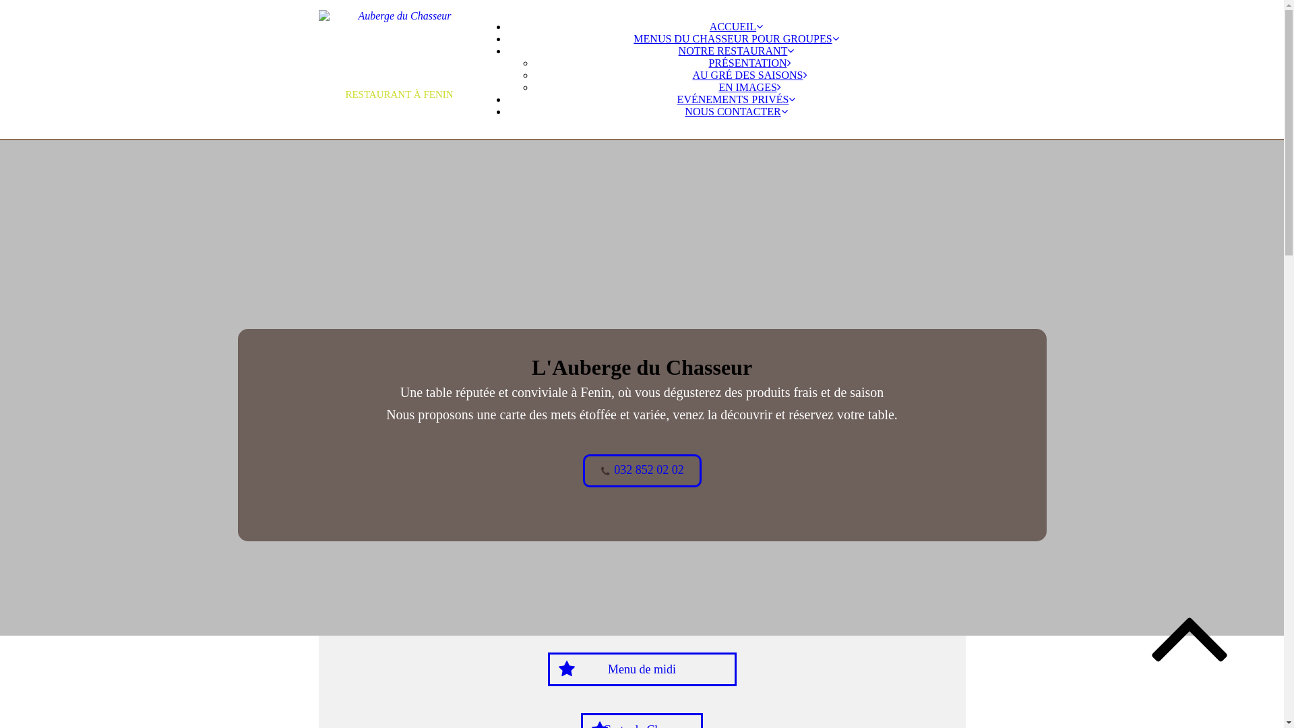 This screenshot has width=1294, height=728. What do you see at coordinates (735, 26) in the screenshot?
I see `'ACCUEIL'` at bounding box center [735, 26].